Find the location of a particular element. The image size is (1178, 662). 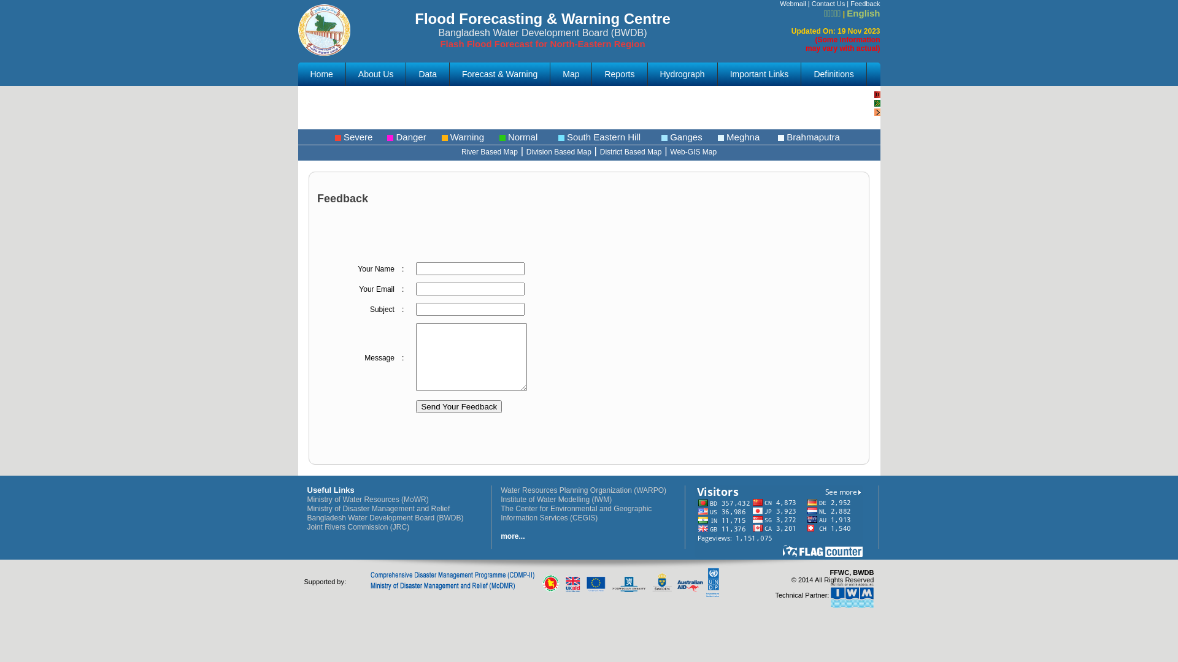

'English' is located at coordinates (846, 13).